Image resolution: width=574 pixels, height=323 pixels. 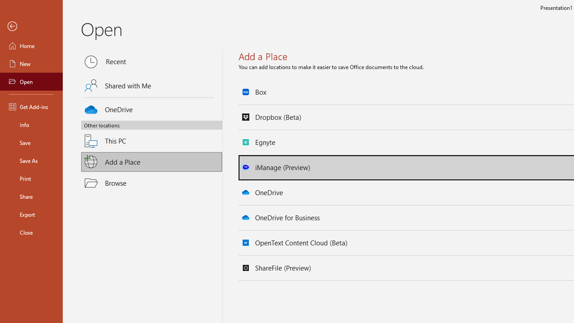 I want to click on 'Add a Place', so click(x=152, y=162).